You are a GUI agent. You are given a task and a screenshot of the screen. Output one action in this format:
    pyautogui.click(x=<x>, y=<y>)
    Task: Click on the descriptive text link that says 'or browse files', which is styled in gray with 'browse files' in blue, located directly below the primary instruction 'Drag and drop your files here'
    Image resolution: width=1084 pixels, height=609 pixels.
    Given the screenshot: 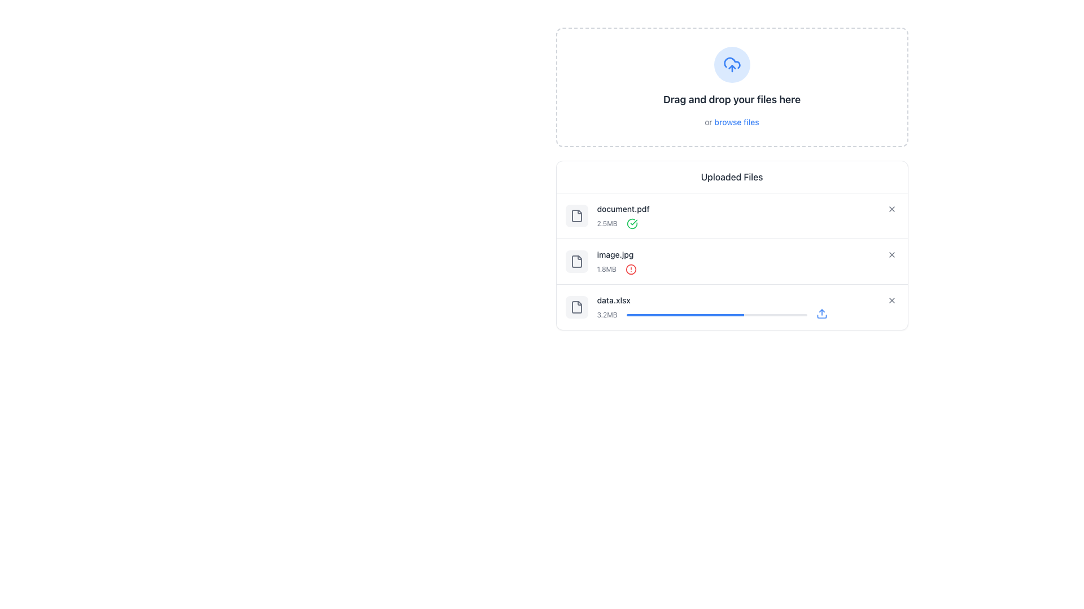 What is the action you would take?
    pyautogui.click(x=732, y=122)
    